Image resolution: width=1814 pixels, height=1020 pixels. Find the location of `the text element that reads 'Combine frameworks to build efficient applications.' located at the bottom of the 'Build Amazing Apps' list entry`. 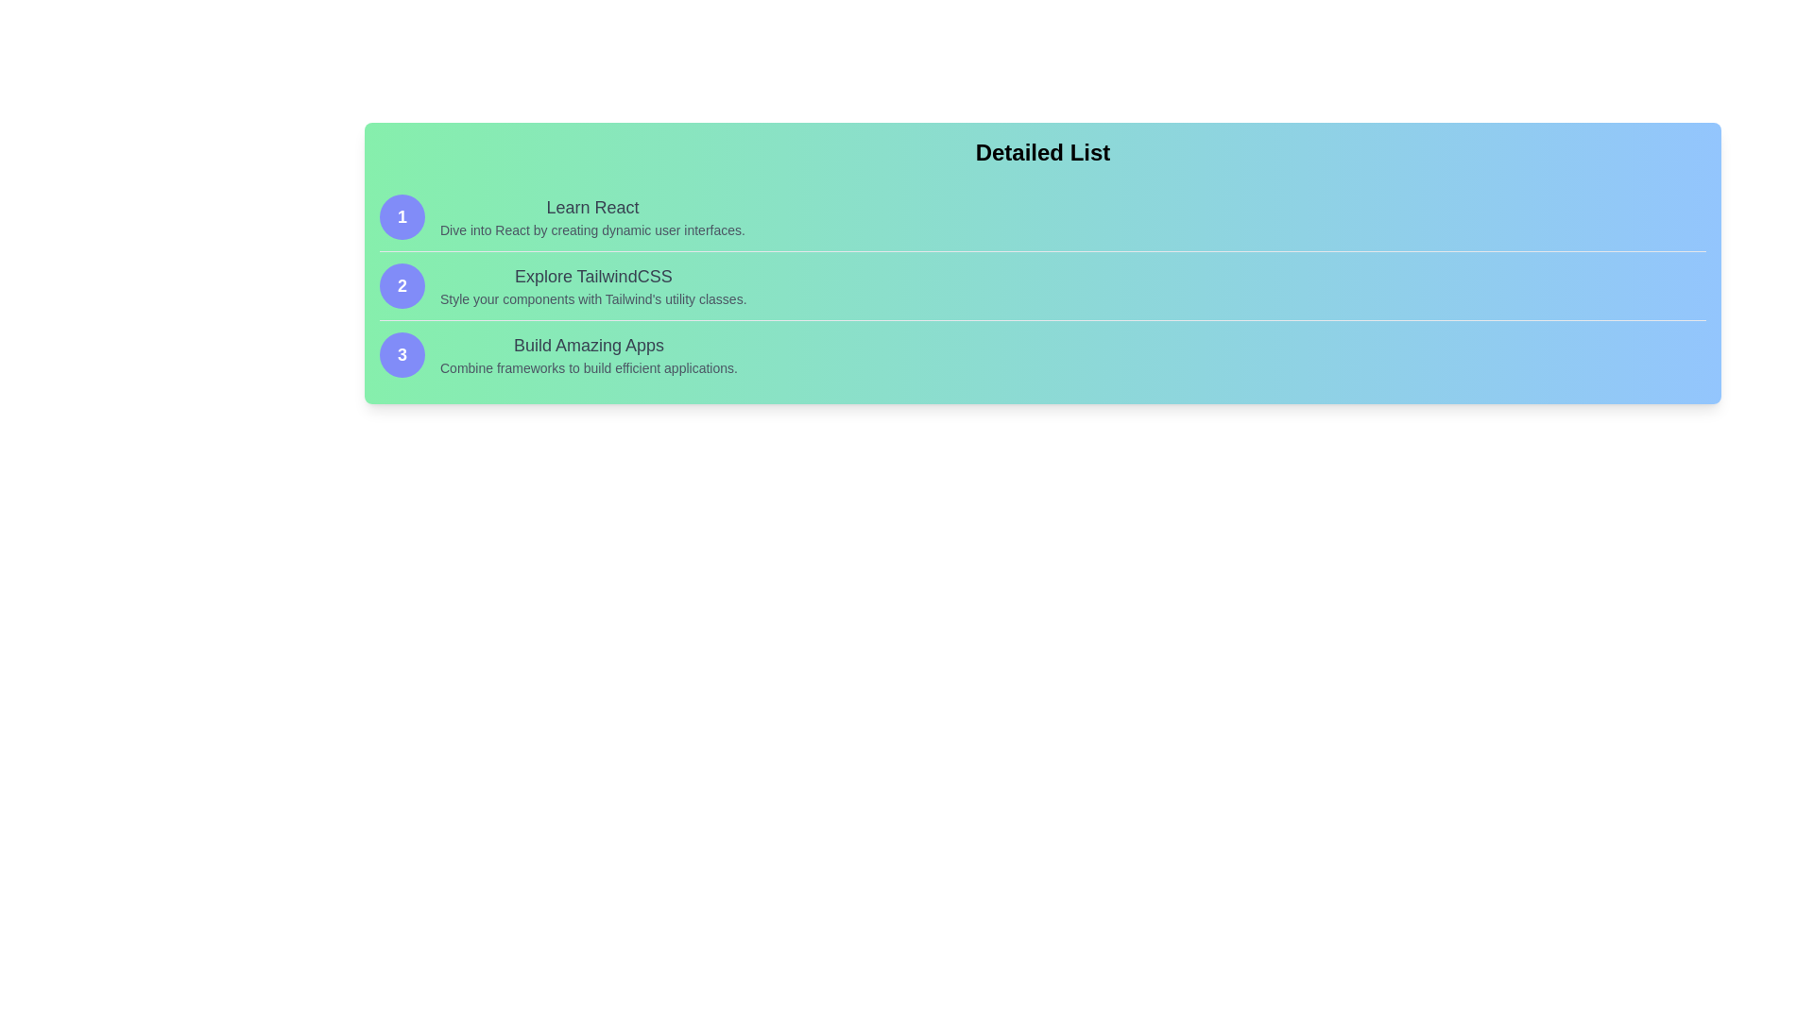

the text element that reads 'Combine frameworks to build efficient applications.' located at the bottom of the 'Build Amazing Apps' list entry is located at coordinates (588, 367).